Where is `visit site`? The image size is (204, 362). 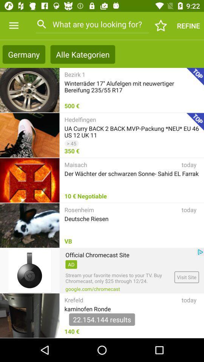 visit site is located at coordinates (186, 277).